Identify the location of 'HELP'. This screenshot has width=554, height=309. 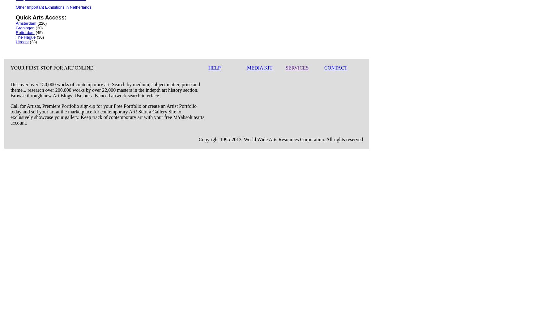
(215, 67).